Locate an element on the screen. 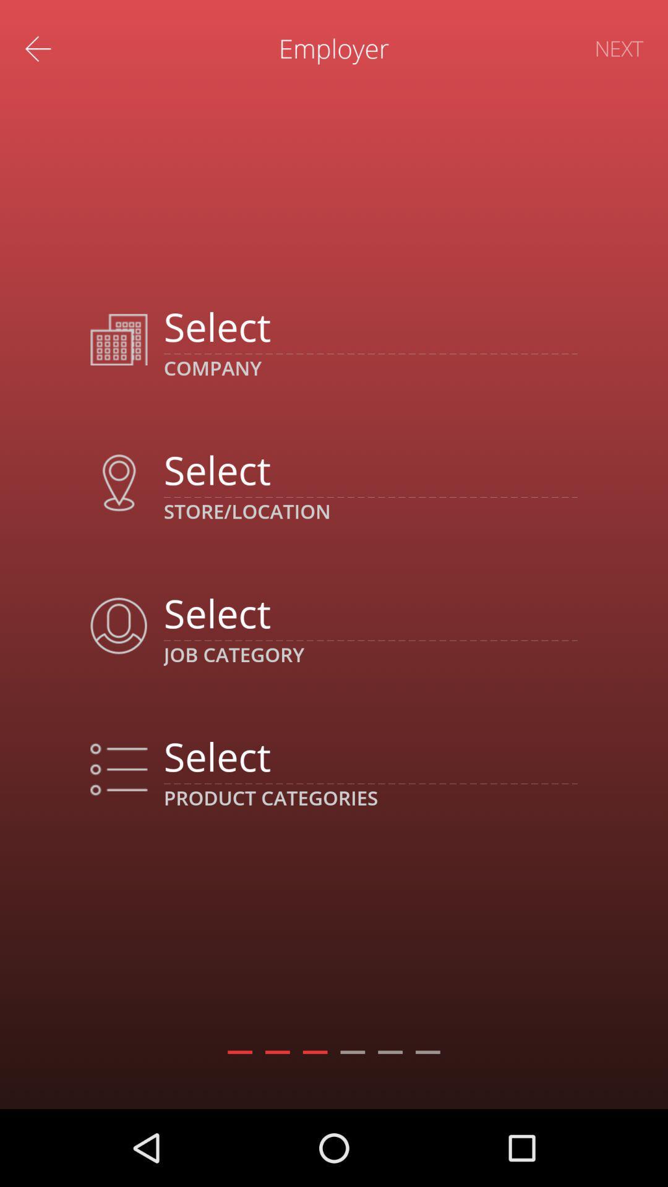 The width and height of the screenshot is (668, 1187). choose product categories is located at coordinates (370, 755).